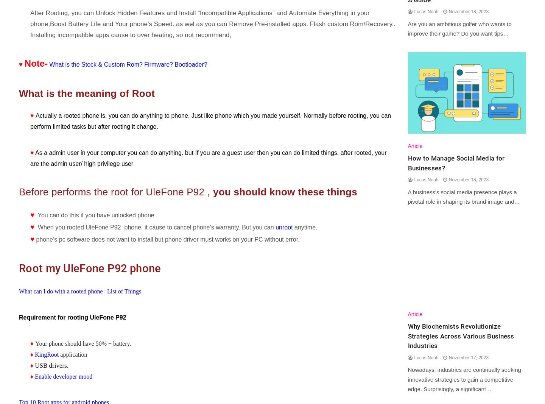 The image size is (545, 404). What do you see at coordinates (65, 376) in the screenshot?
I see `'nable developer mood'` at bounding box center [65, 376].